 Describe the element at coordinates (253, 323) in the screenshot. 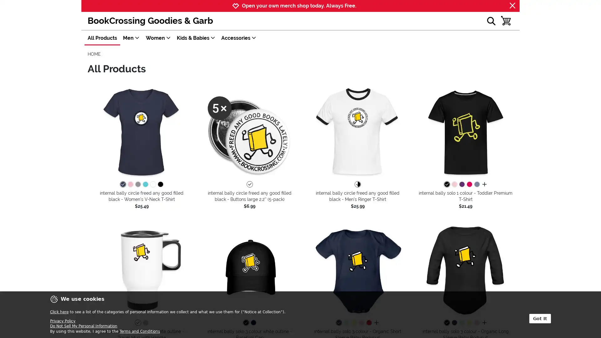

I see `navy` at that location.